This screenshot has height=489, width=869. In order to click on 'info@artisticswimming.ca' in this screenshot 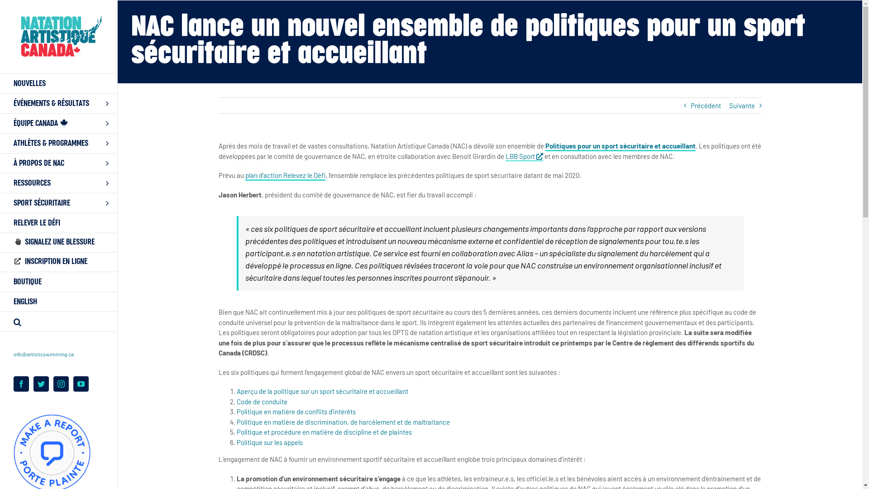, I will do `click(43, 354)`.